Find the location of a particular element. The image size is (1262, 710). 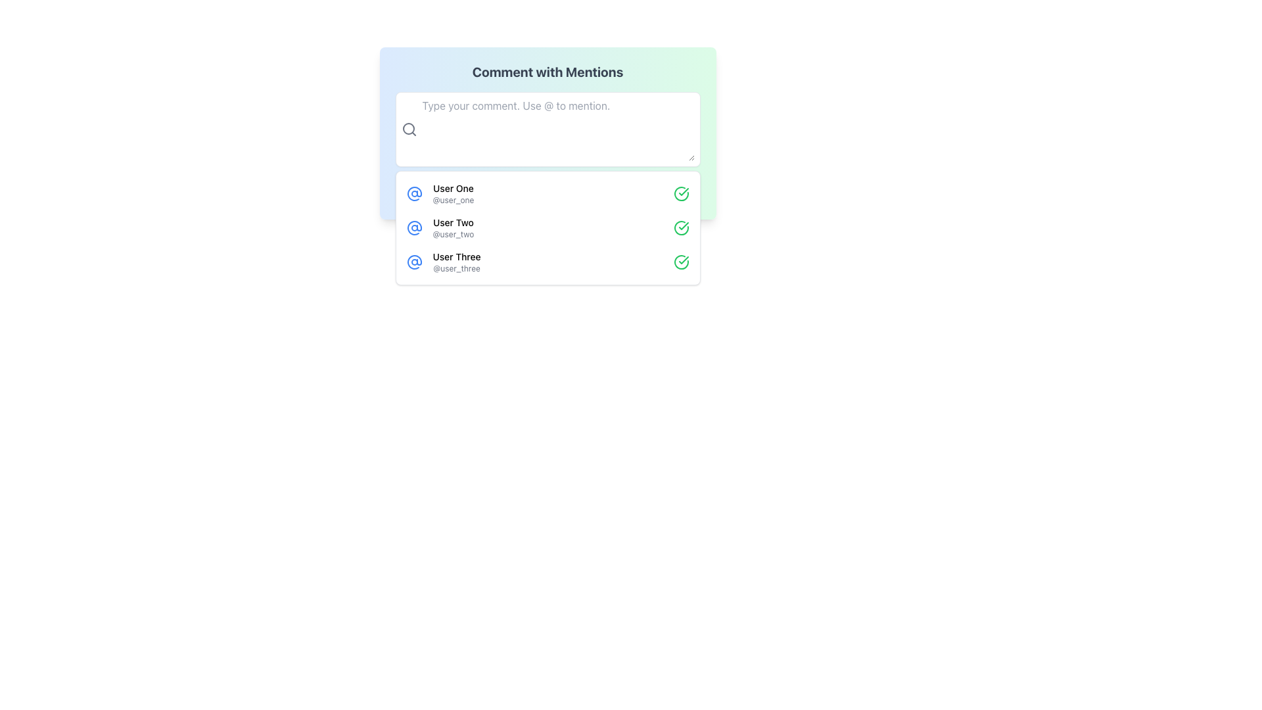

the username label located directly beneath 'User One', which is the topmost entry in the user suggestions list is located at coordinates (454, 200).